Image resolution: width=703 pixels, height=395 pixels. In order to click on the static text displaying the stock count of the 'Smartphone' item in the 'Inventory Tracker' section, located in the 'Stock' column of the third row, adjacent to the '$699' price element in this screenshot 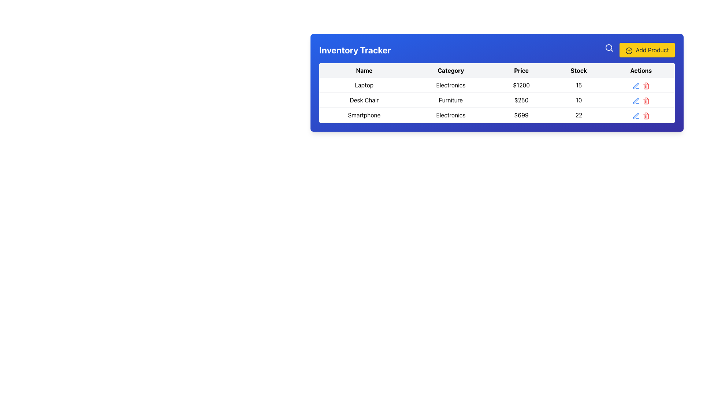, I will do `click(578, 115)`.